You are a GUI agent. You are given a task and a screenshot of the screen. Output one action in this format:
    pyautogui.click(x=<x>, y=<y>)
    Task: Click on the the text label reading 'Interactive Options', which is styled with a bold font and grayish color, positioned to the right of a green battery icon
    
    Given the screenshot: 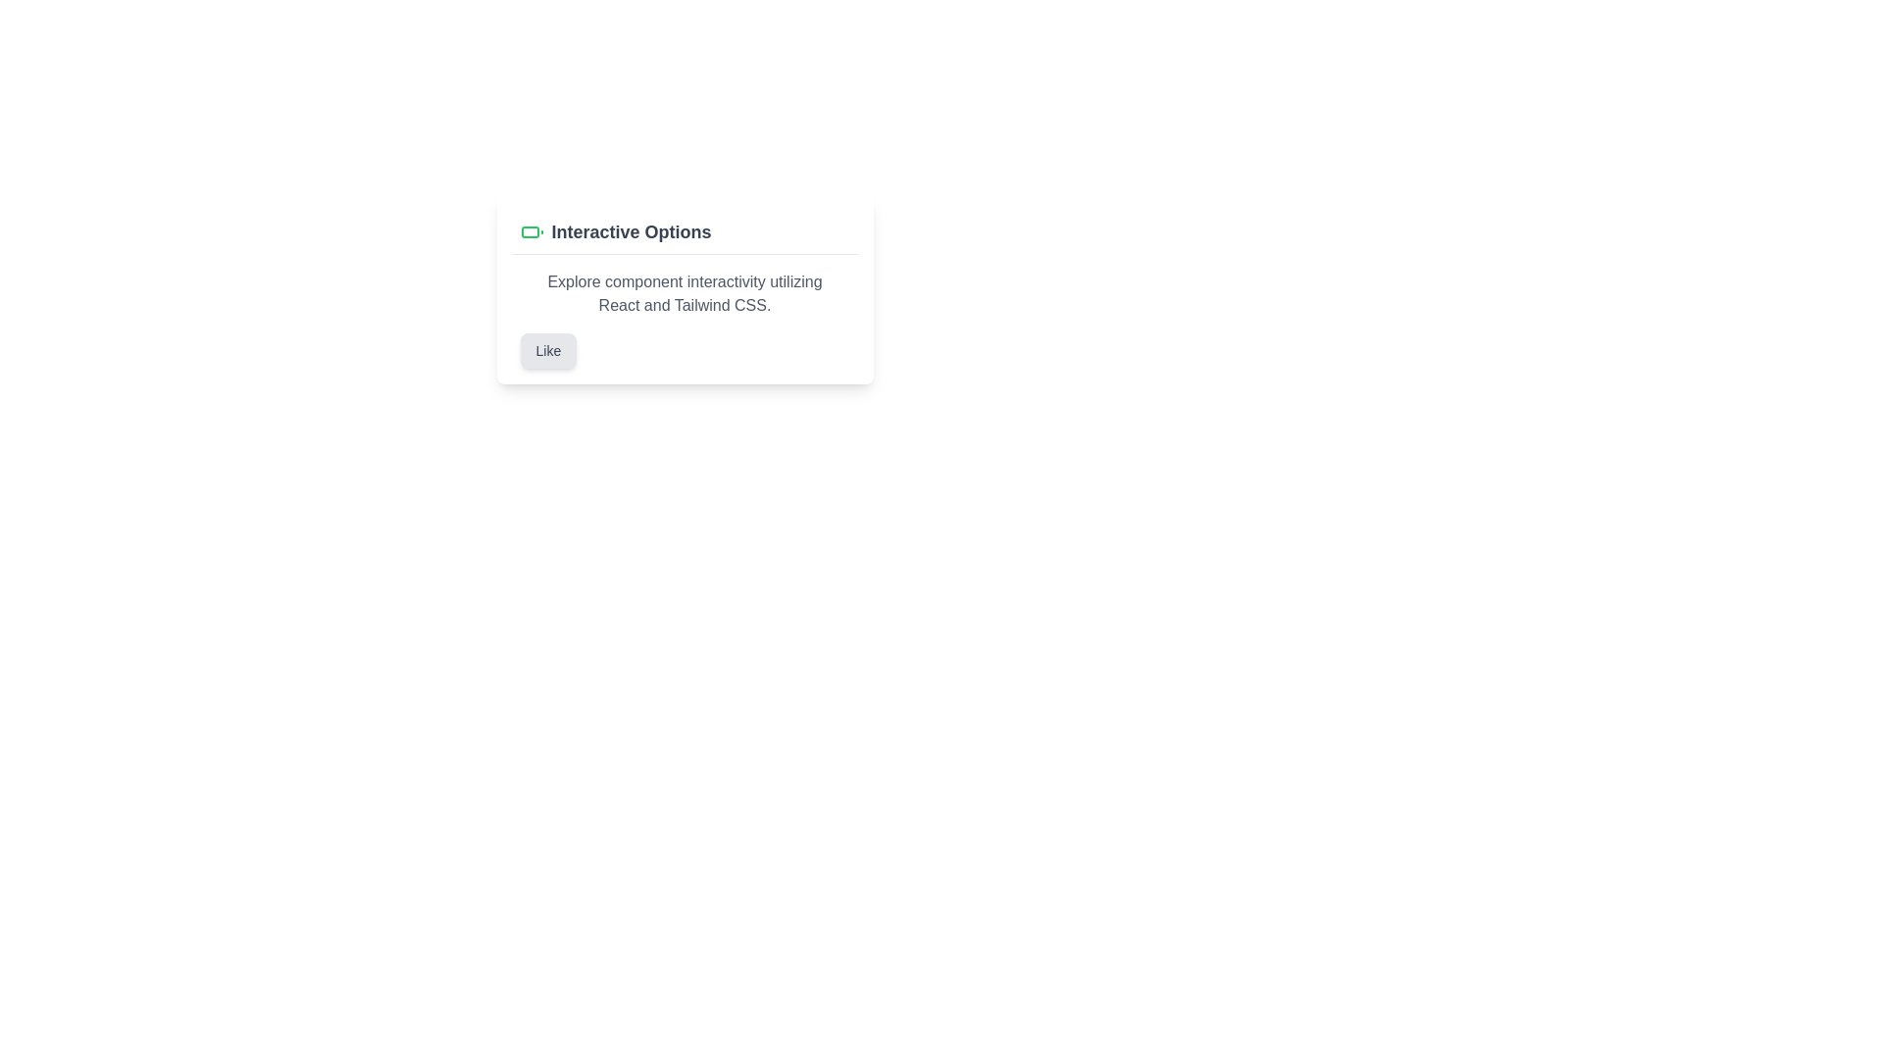 What is the action you would take?
    pyautogui.click(x=631, y=230)
    